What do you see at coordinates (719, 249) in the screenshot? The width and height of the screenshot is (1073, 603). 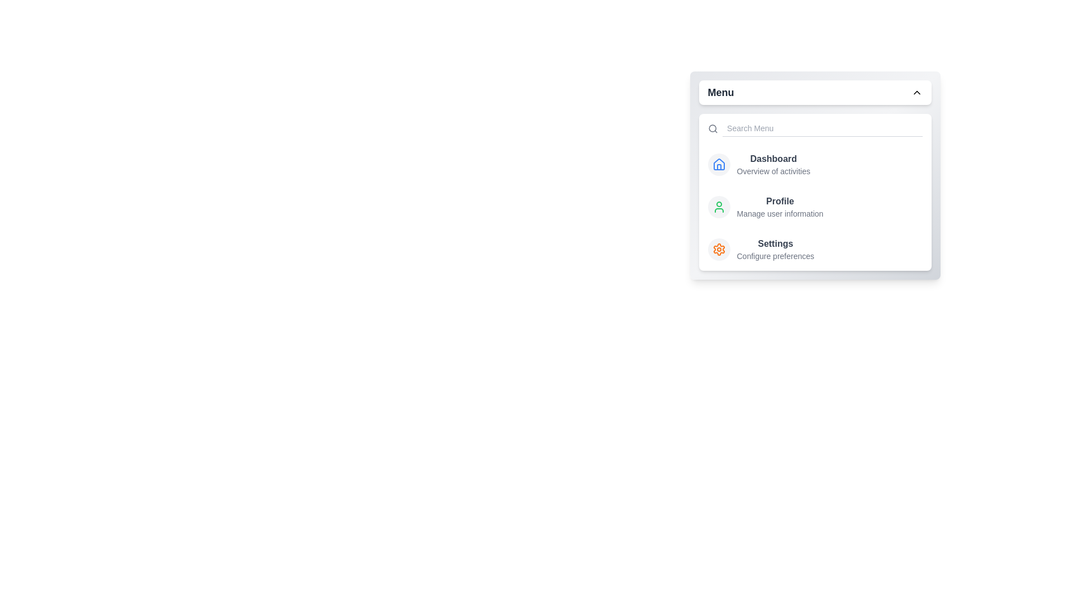 I see `the menu item labeled 'Settings' to view its hover effect` at bounding box center [719, 249].